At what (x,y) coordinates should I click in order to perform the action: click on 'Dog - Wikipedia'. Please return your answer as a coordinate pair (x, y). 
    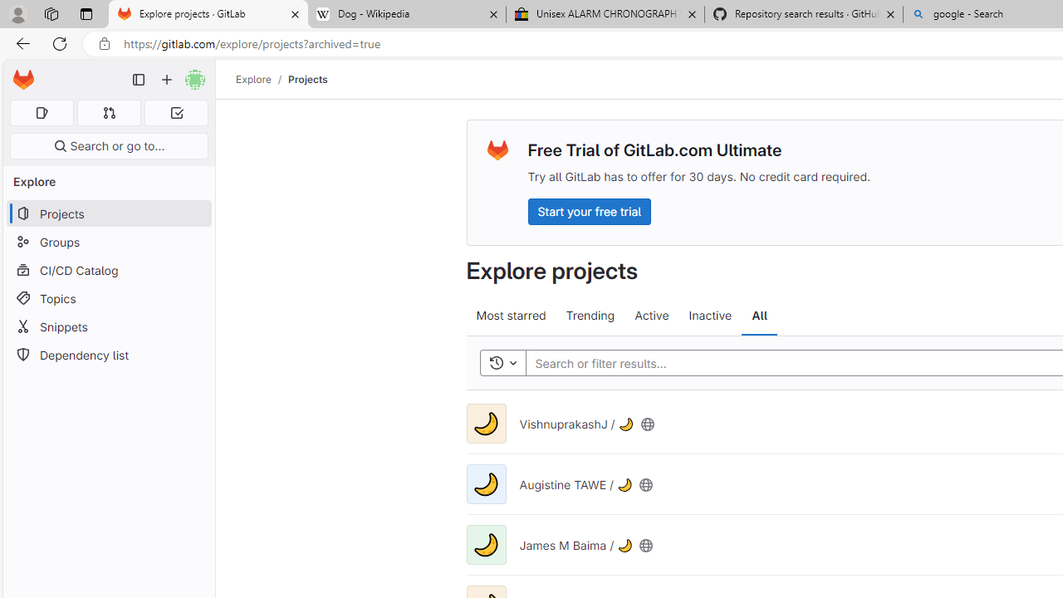
    Looking at the image, I should click on (407, 14).